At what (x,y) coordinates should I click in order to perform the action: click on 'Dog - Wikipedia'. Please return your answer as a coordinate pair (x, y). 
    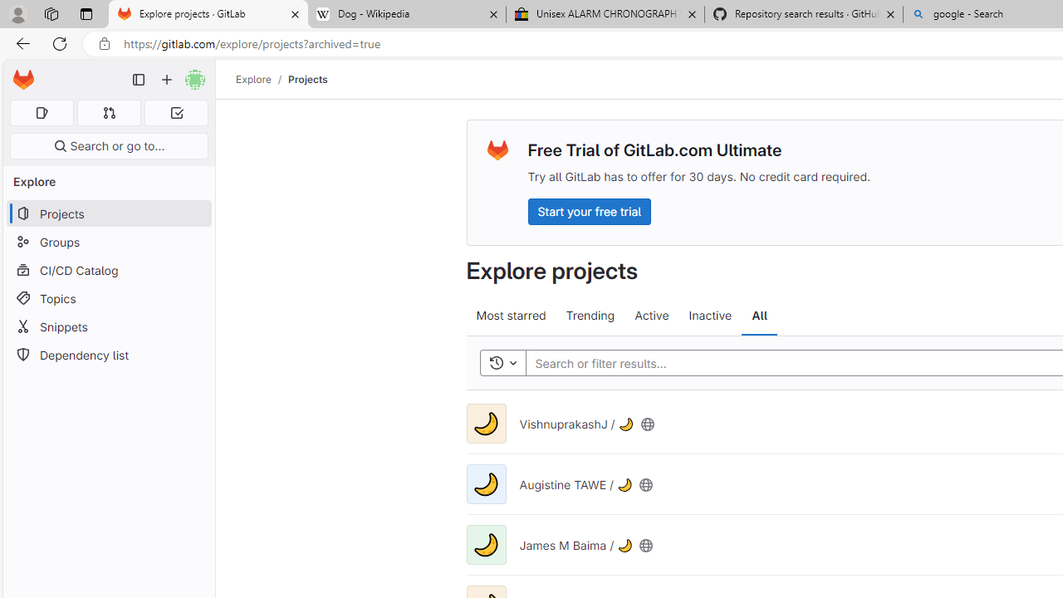
    Looking at the image, I should click on (407, 14).